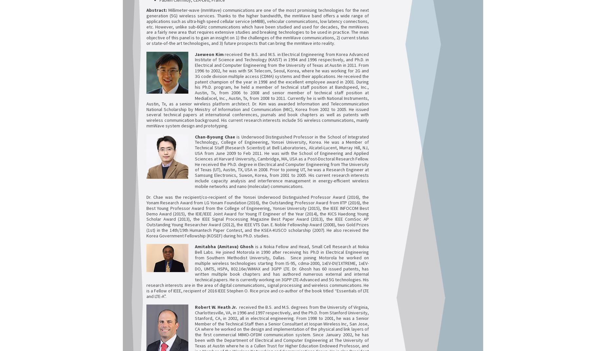 Image resolution: width=606 pixels, height=351 pixels. What do you see at coordinates (237, 246) in the screenshot?
I see `')'` at bounding box center [237, 246].